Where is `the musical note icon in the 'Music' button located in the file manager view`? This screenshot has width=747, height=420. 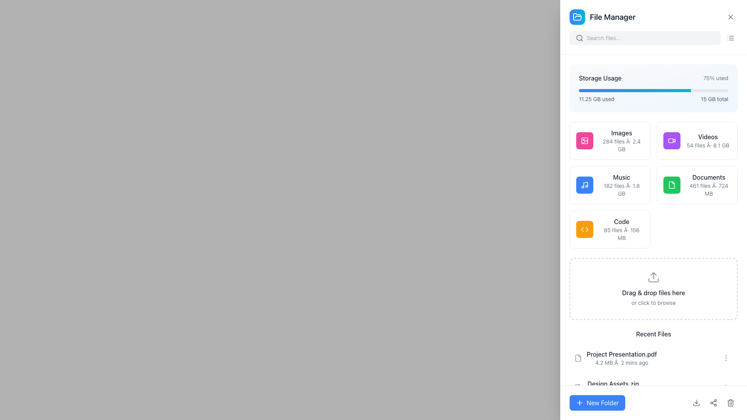
the musical note icon in the 'Music' button located in the file manager view is located at coordinates (584, 185).